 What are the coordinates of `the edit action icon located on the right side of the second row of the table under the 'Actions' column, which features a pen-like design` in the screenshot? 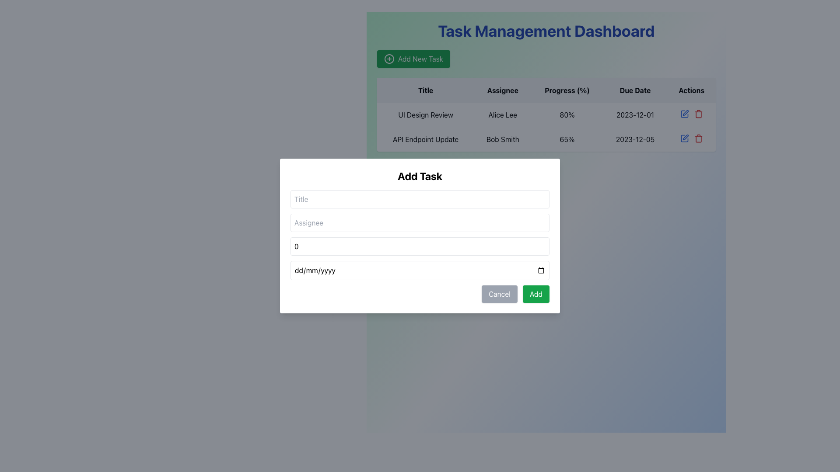 It's located at (685, 137).